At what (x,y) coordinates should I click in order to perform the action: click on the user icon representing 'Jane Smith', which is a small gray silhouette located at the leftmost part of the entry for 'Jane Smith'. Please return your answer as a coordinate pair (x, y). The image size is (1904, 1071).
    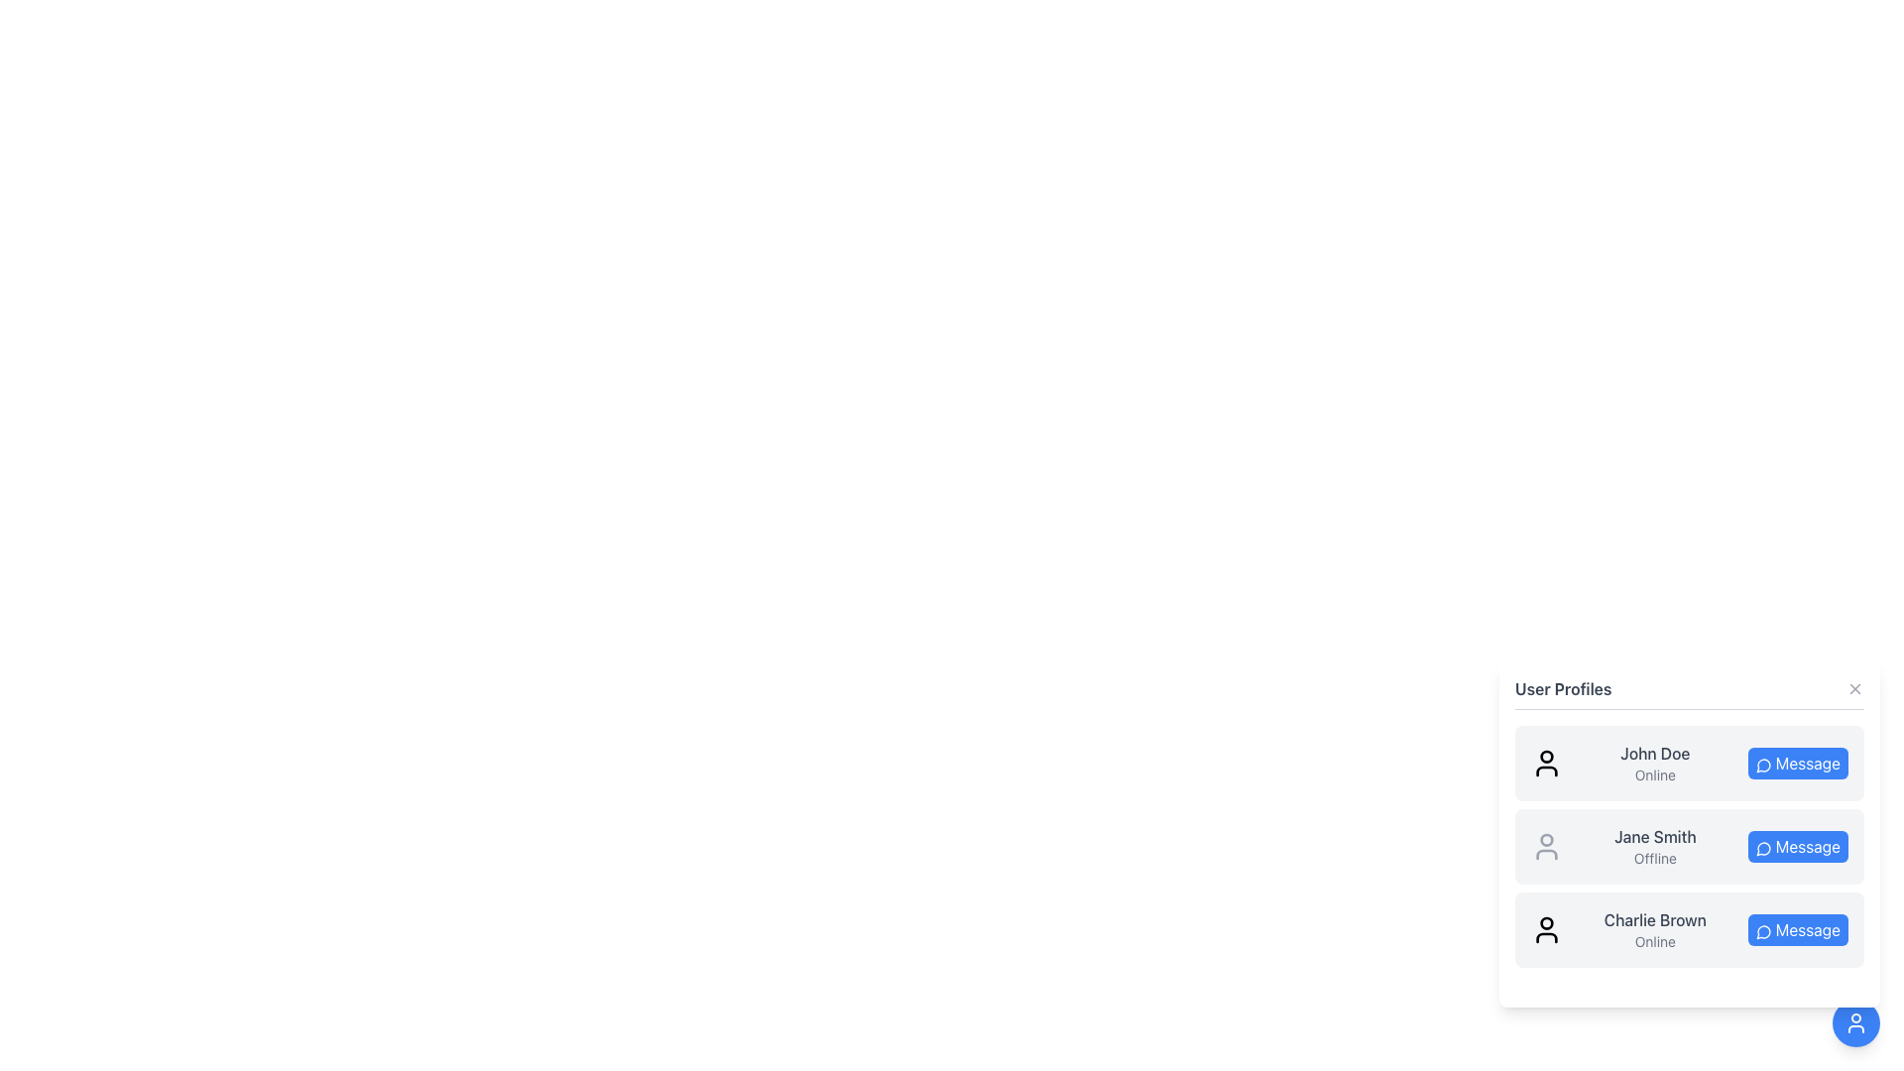
    Looking at the image, I should click on (1546, 846).